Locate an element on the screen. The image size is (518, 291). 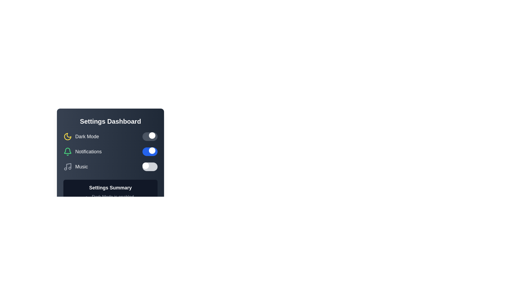
the label that describes the toggle switch for enabling or disabling dark mode, which is located to the right of a moon-shaped icon in the settings dashboard is located at coordinates (87, 136).